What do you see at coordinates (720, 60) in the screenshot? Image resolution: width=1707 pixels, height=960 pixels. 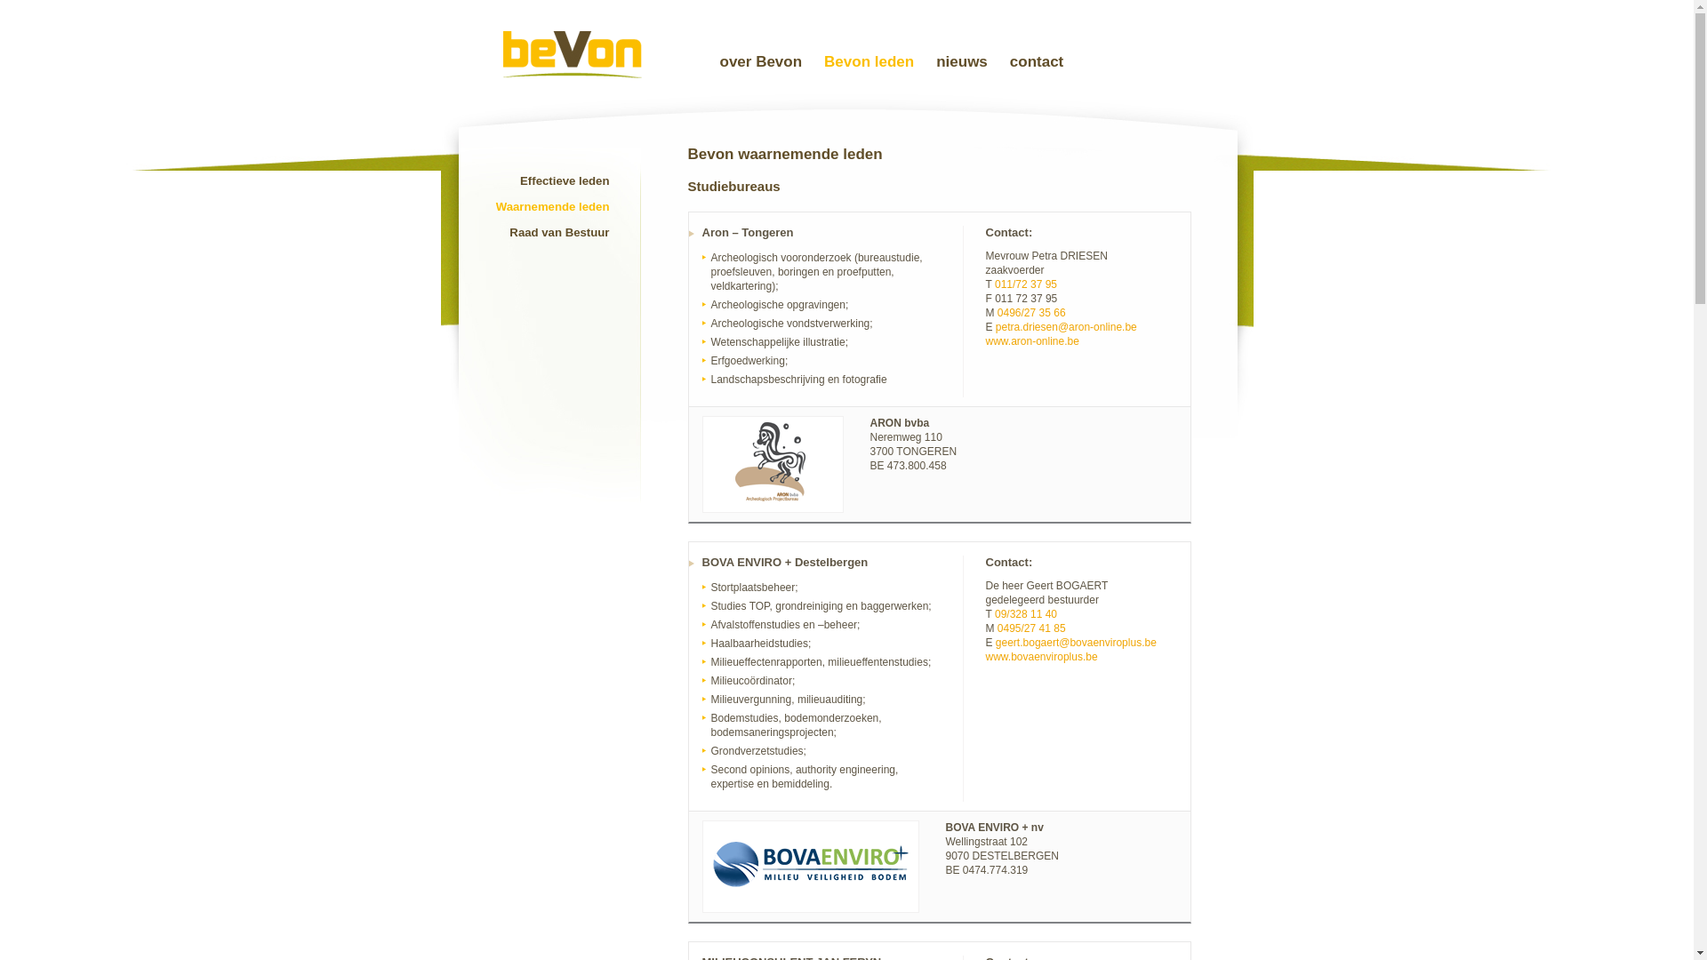 I see `'over Bevon'` at bounding box center [720, 60].